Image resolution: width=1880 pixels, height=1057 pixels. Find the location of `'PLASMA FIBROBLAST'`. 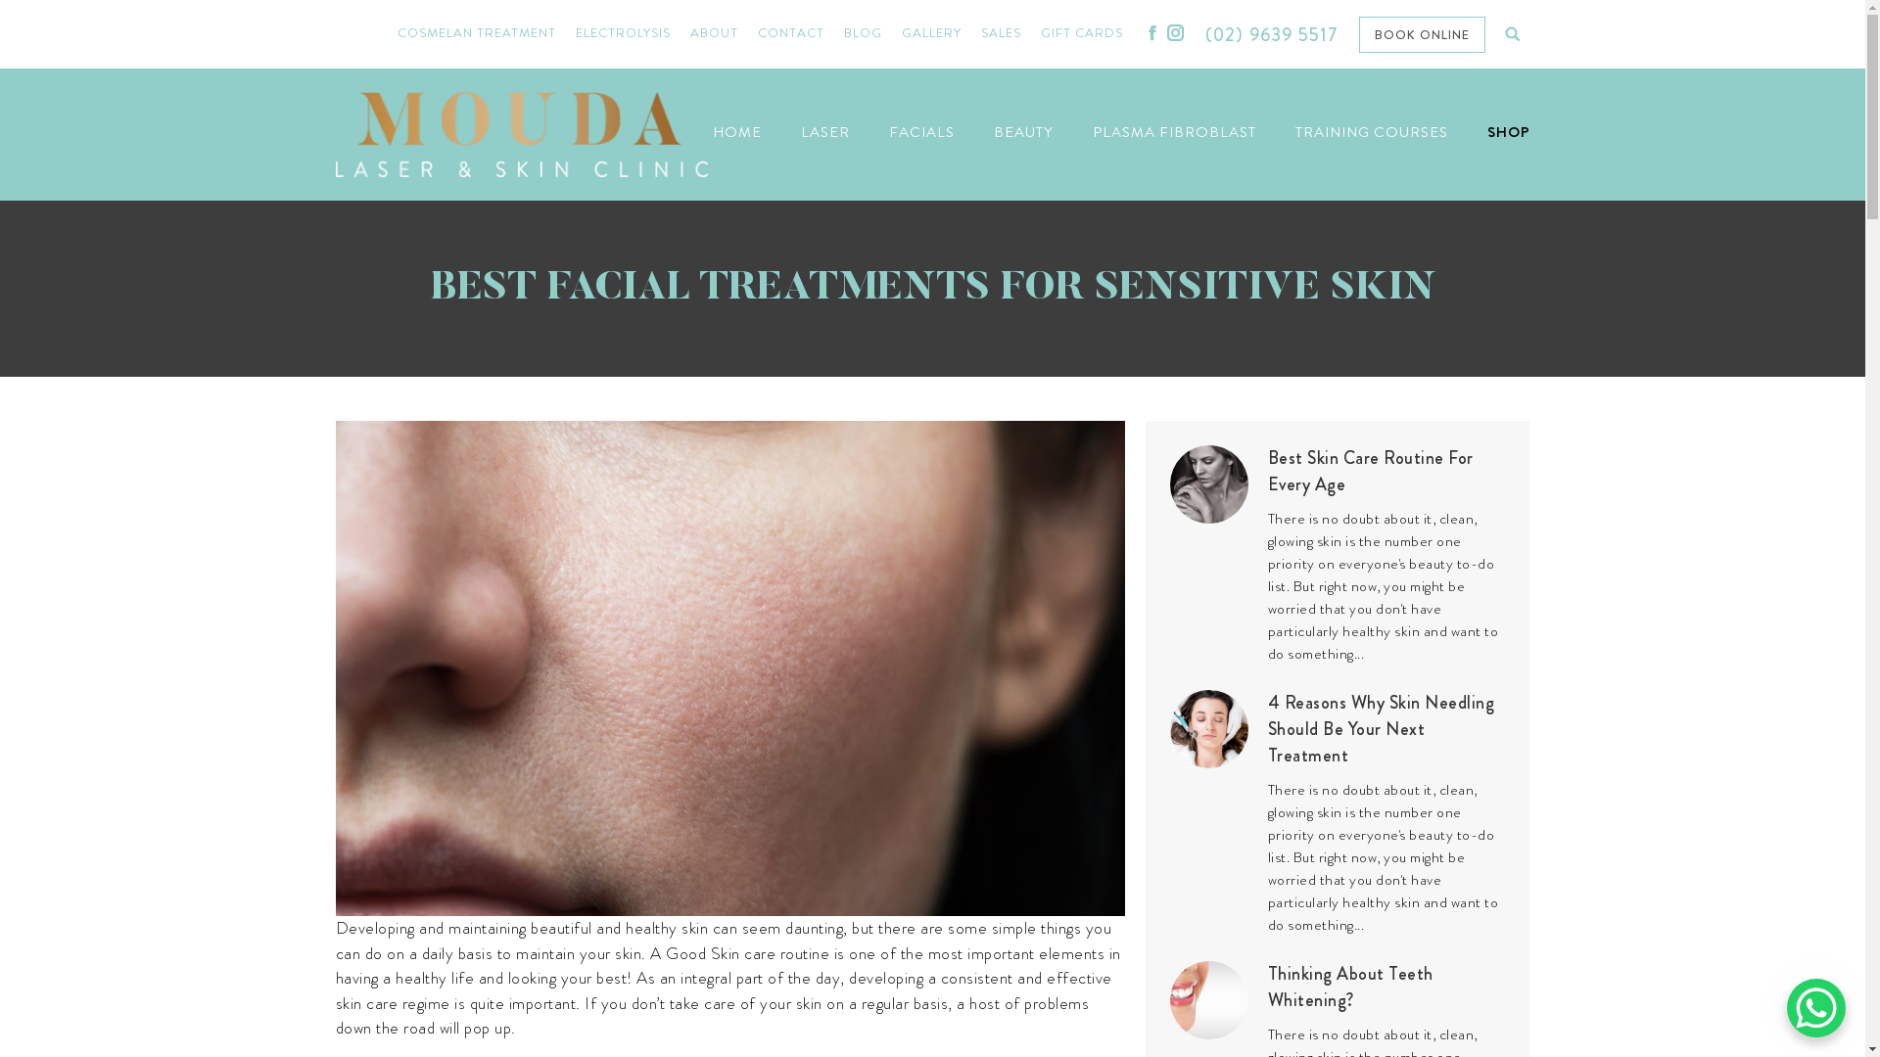

'PLASMA FIBROBLAST' is located at coordinates (1174, 132).